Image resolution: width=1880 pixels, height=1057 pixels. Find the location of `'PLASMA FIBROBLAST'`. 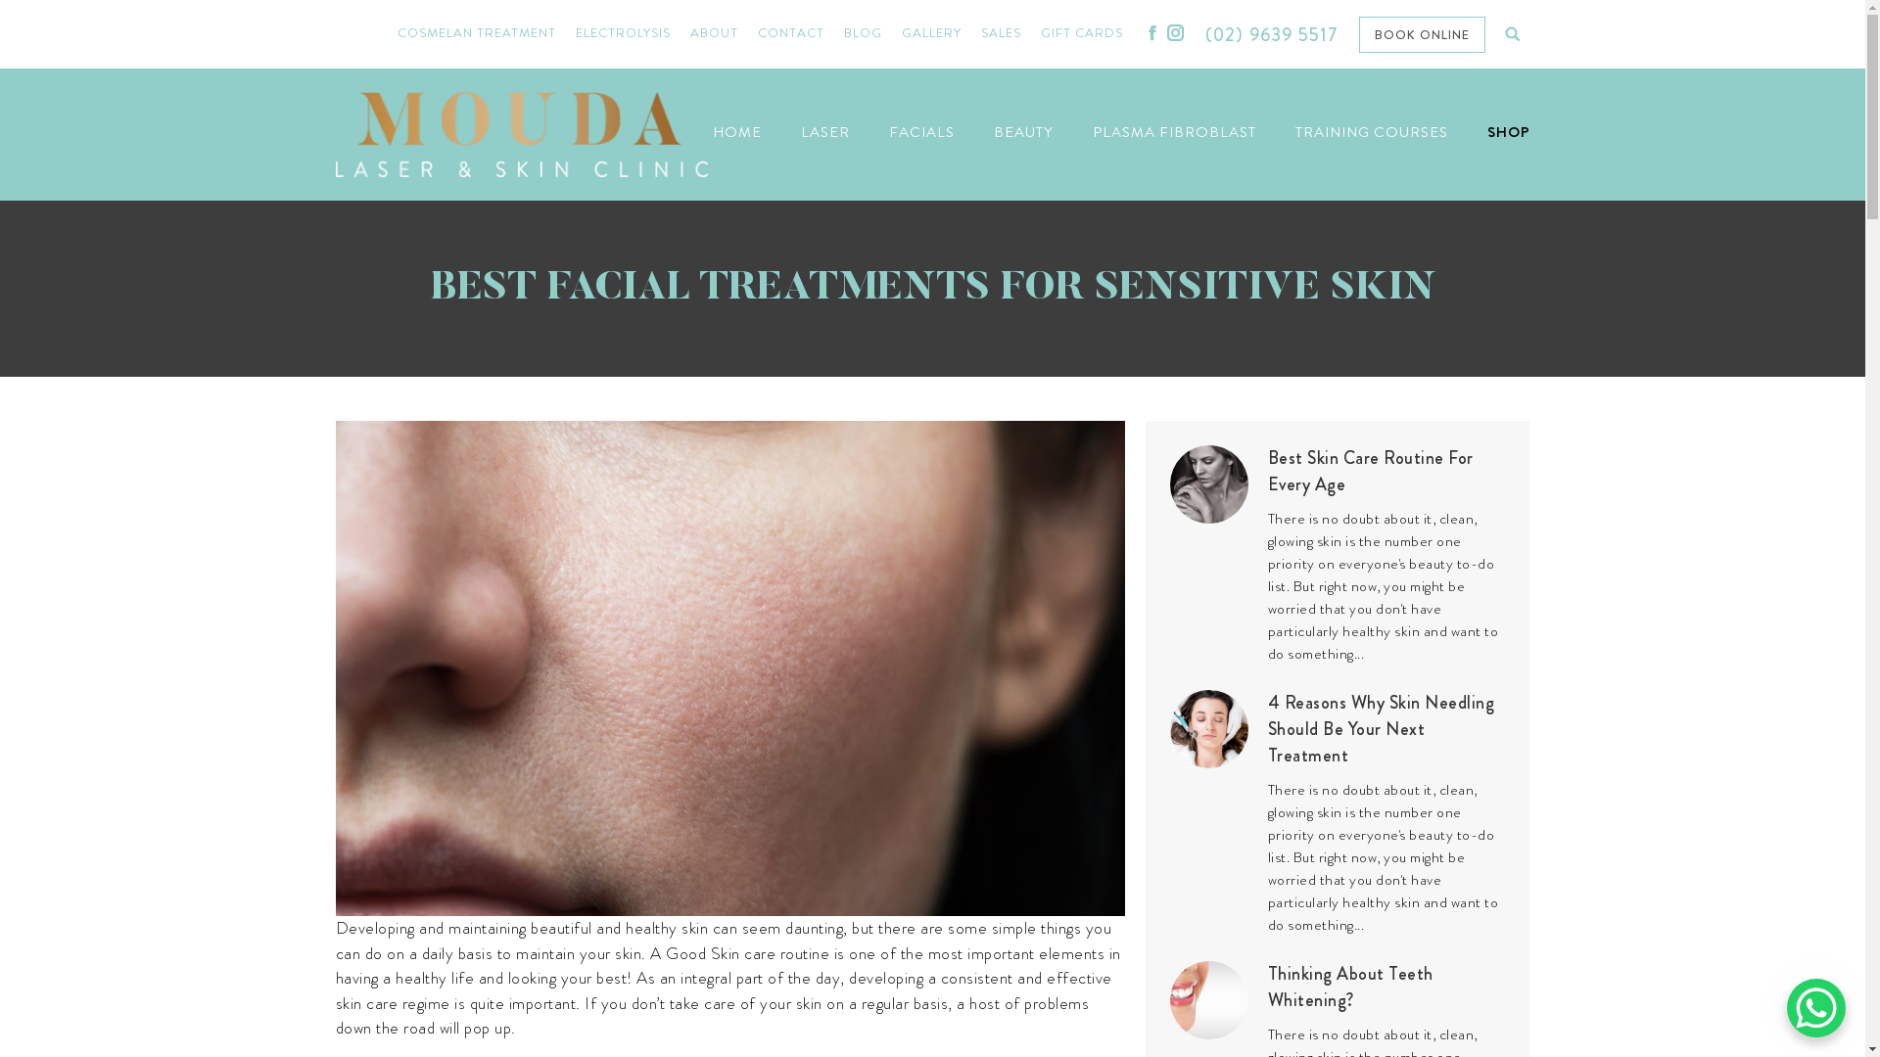

'PLASMA FIBROBLAST' is located at coordinates (1174, 132).